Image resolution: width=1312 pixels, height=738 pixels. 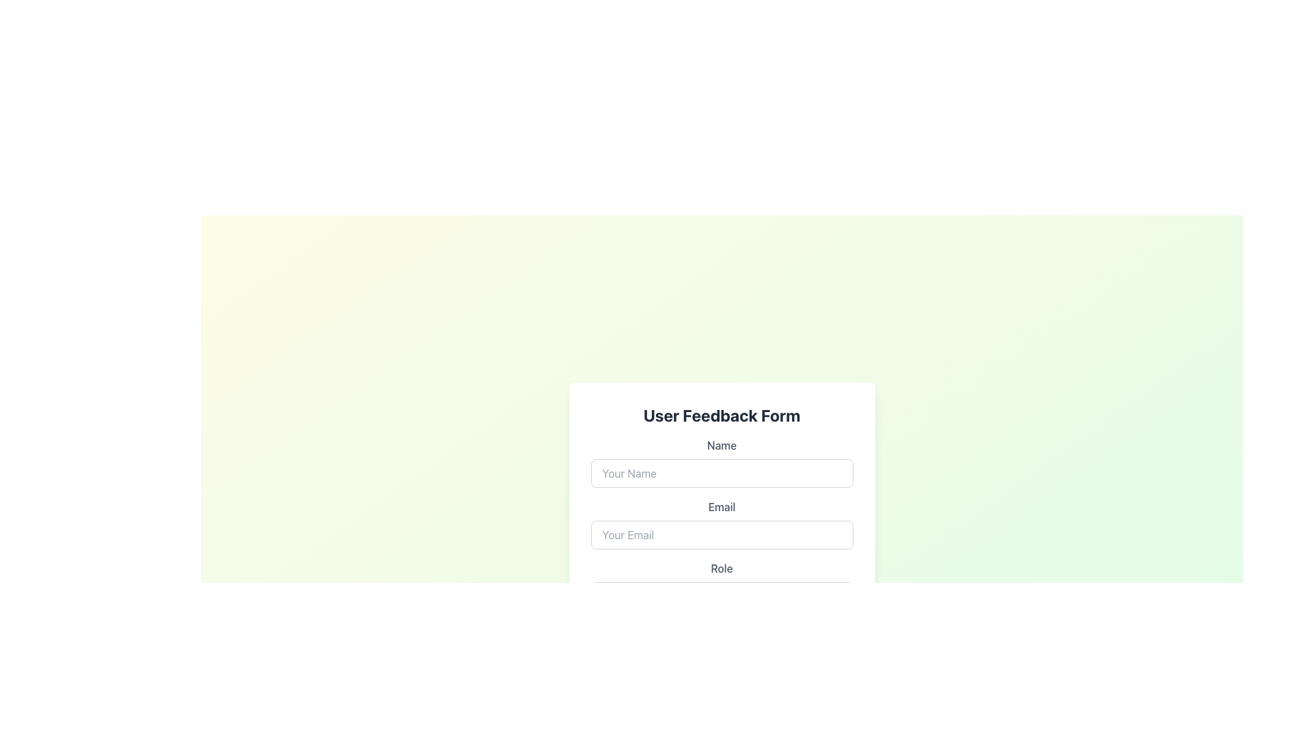 I want to click on the Text Label indicating the input field for entering the user's name, which is positioned above the input field labeled 'Your Name', so click(x=721, y=445).